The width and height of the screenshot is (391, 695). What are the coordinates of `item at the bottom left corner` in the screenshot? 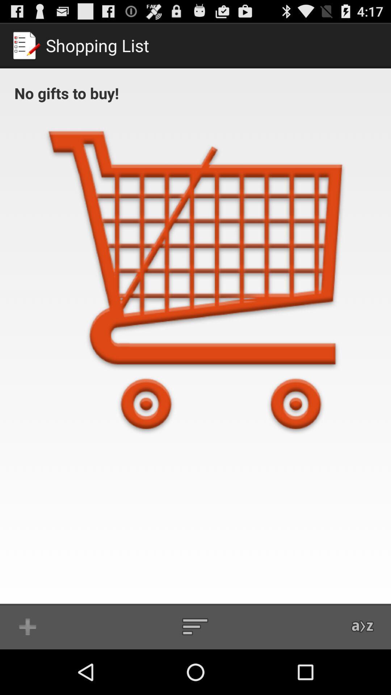 It's located at (27, 626).